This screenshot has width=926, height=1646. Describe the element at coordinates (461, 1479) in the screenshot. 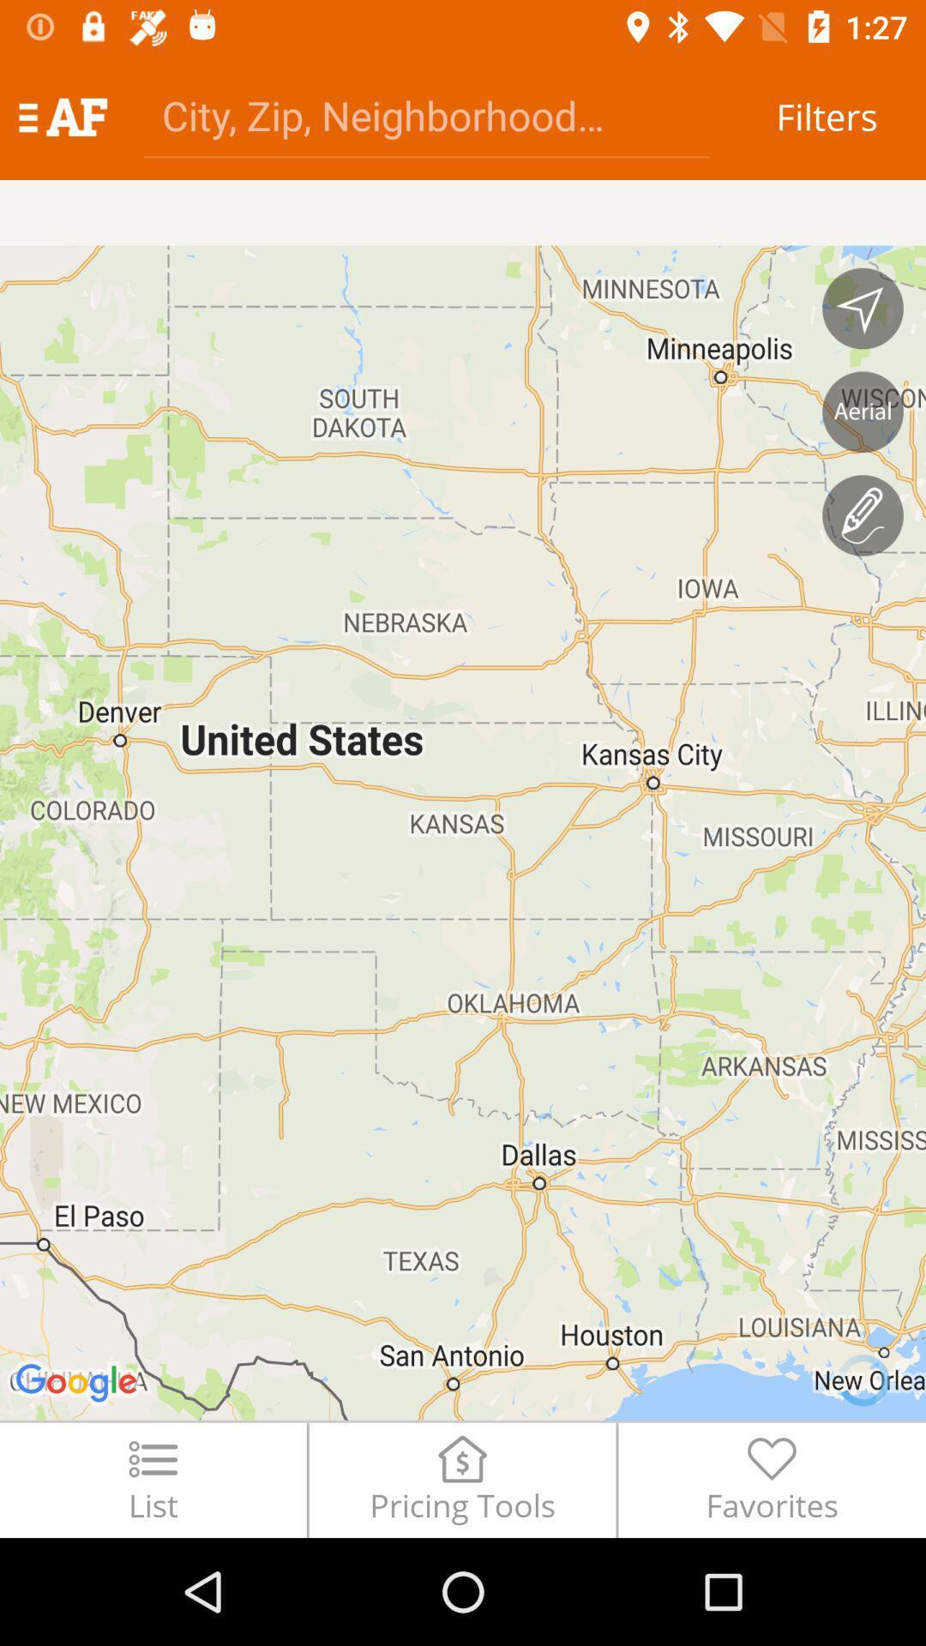

I see `the item next to the list item` at that location.